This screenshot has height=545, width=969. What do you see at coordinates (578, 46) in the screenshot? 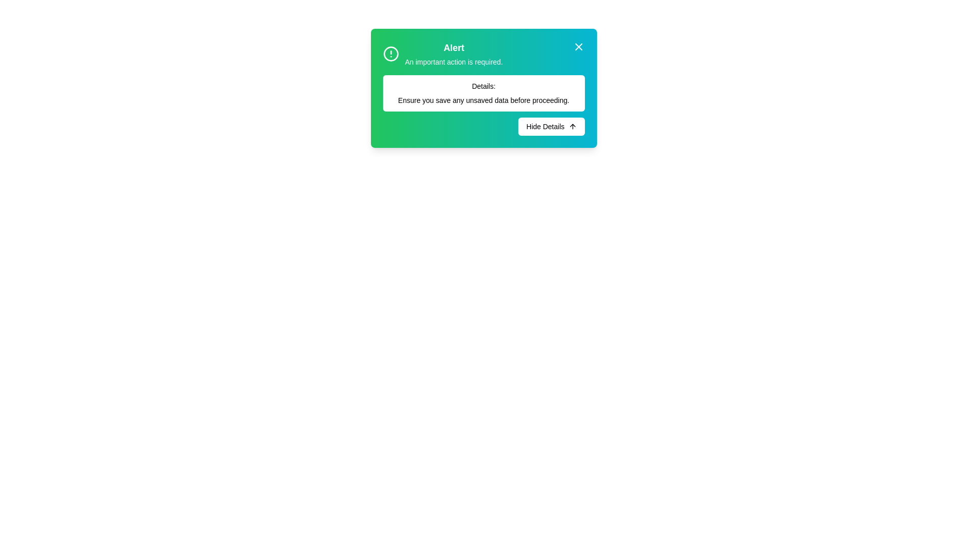
I see `the close button (X) located at the top-right corner of the notification dialog` at bounding box center [578, 46].